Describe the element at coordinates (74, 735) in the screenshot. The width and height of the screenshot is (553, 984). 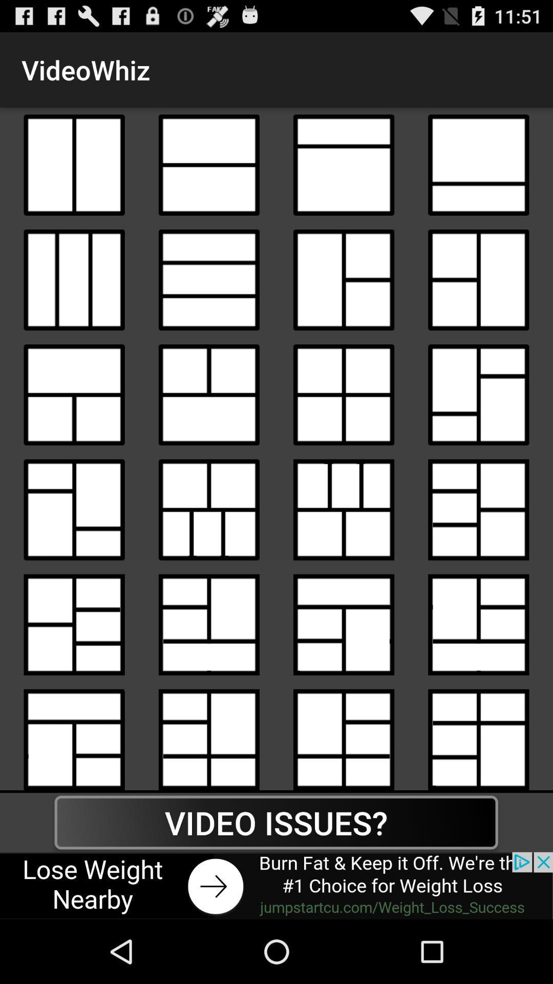
I see `videowhiz option` at that location.